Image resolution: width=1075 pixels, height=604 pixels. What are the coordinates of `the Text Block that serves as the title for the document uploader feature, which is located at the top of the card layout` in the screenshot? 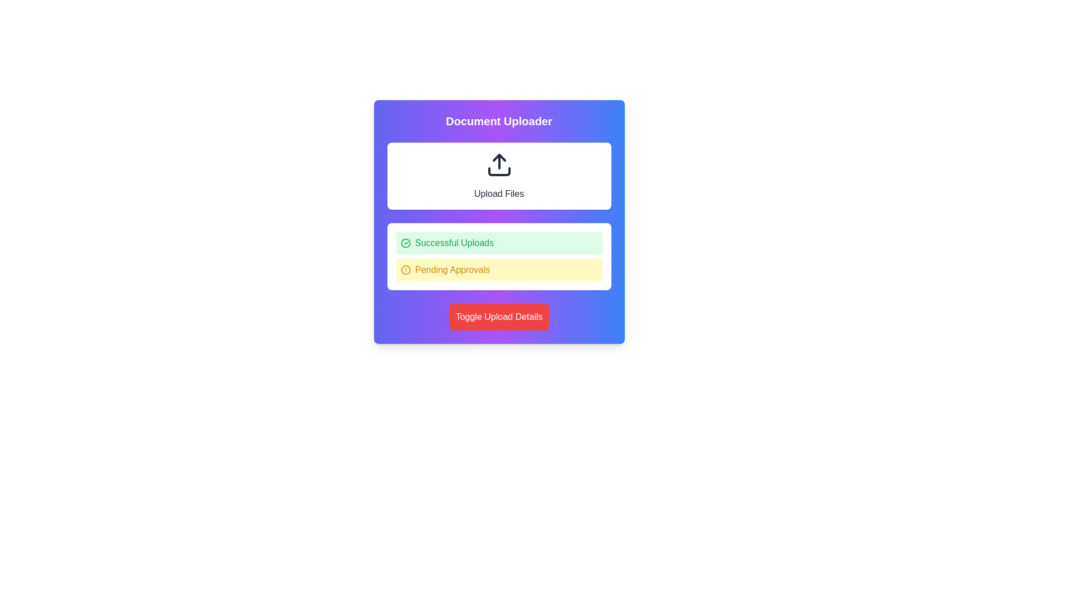 It's located at (498, 121).